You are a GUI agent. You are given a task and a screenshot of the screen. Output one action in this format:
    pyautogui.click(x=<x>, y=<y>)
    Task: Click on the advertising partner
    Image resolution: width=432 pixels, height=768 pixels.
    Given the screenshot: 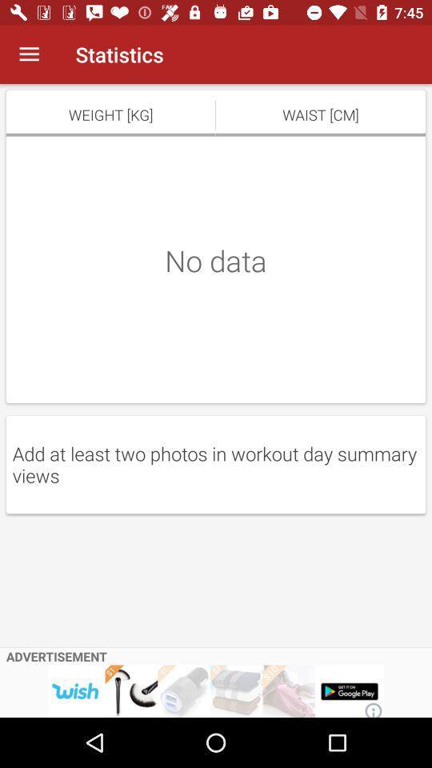 What is the action you would take?
    pyautogui.click(x=216, y=690)
    